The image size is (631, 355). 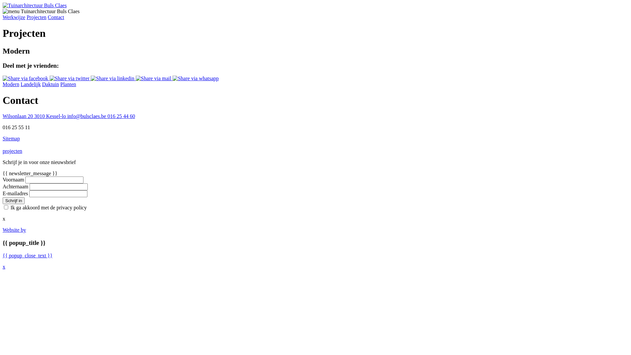 What do you see at coordinates (3, 151) in the screenshot?
I see `'projecten'` at bounding box center [3, 151].